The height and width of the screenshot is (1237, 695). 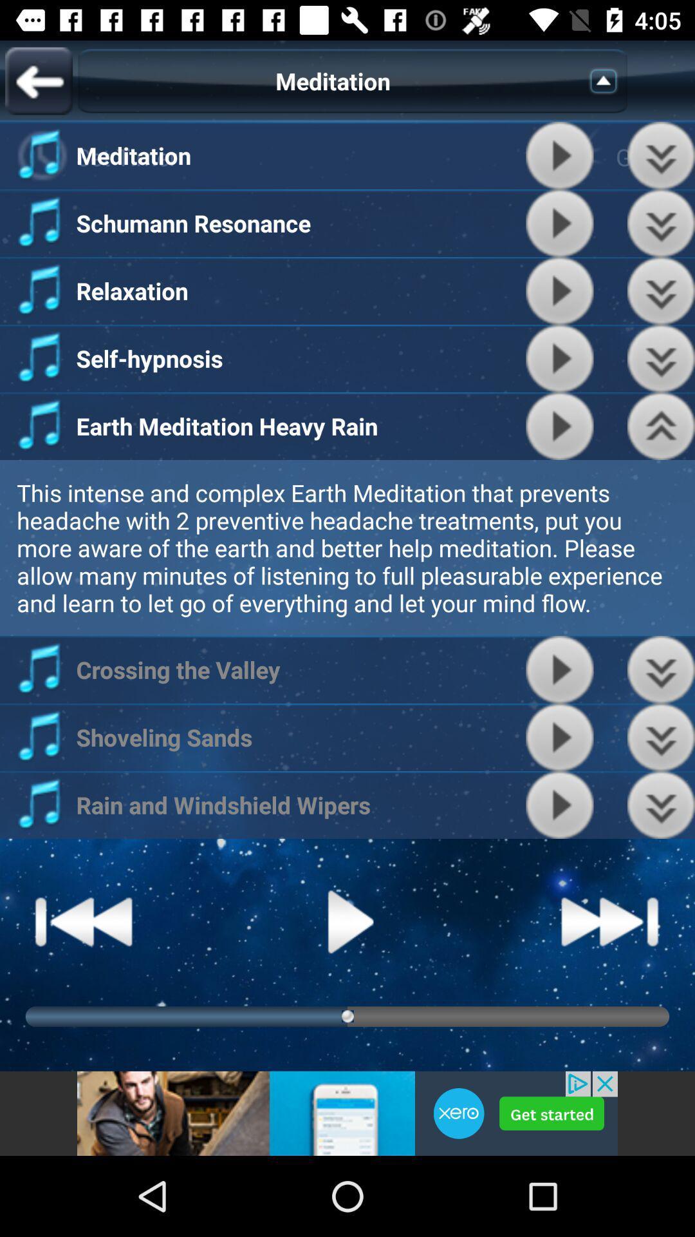 What do you see at coordinates (347, 921) in the screenshot?
I see `play` at bounding box center [347, 921].